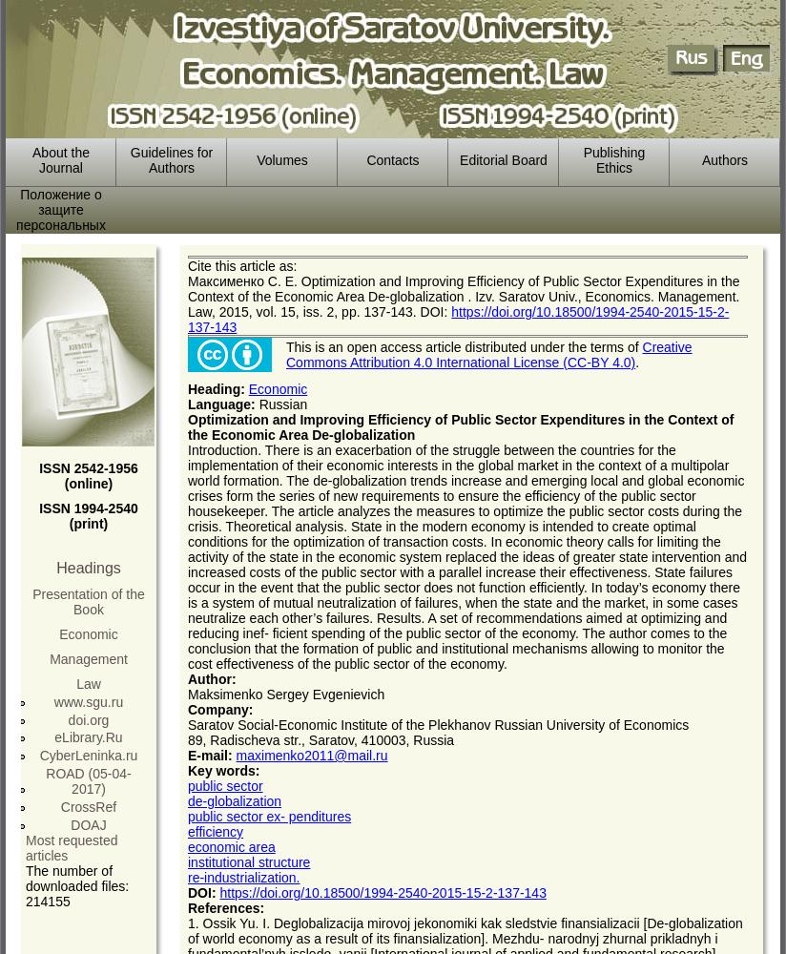  Describe the element at coordinates (210, 756) in the screenshot. I see `'E-mail:'` at that location.